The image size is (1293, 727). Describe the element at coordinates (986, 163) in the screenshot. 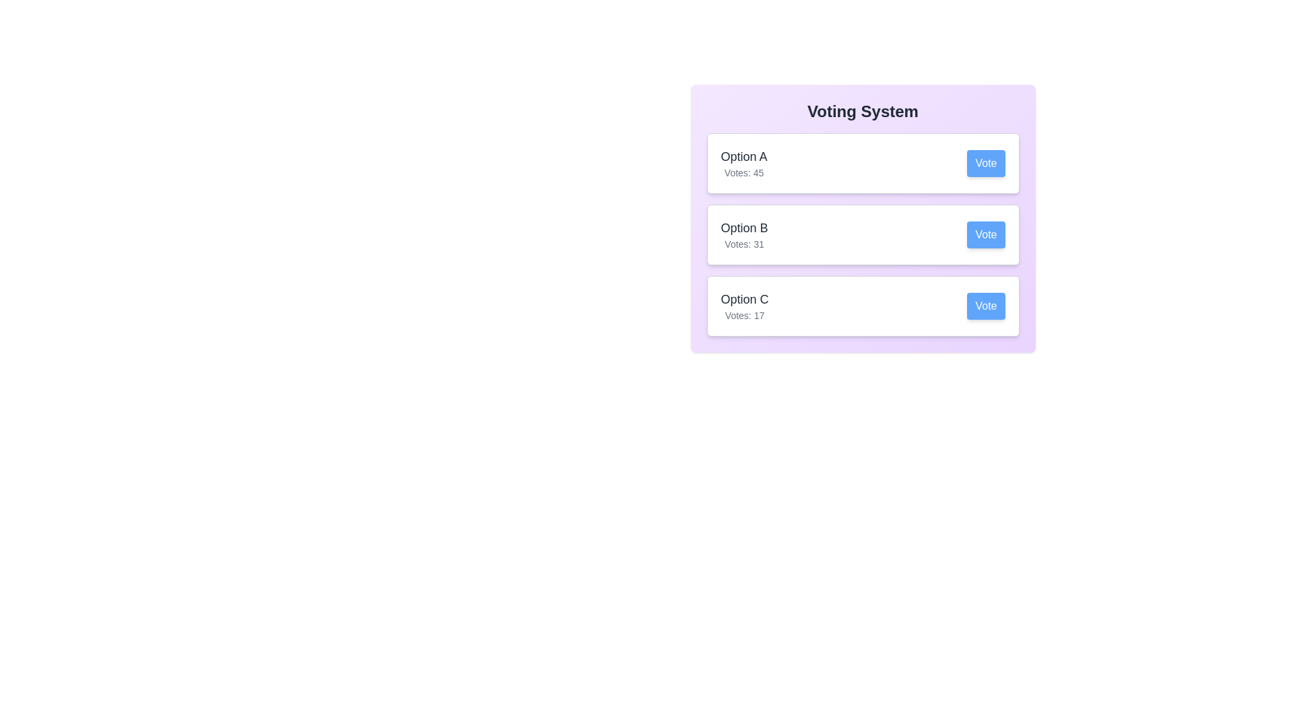

I see `the voting button for option A` at that location.